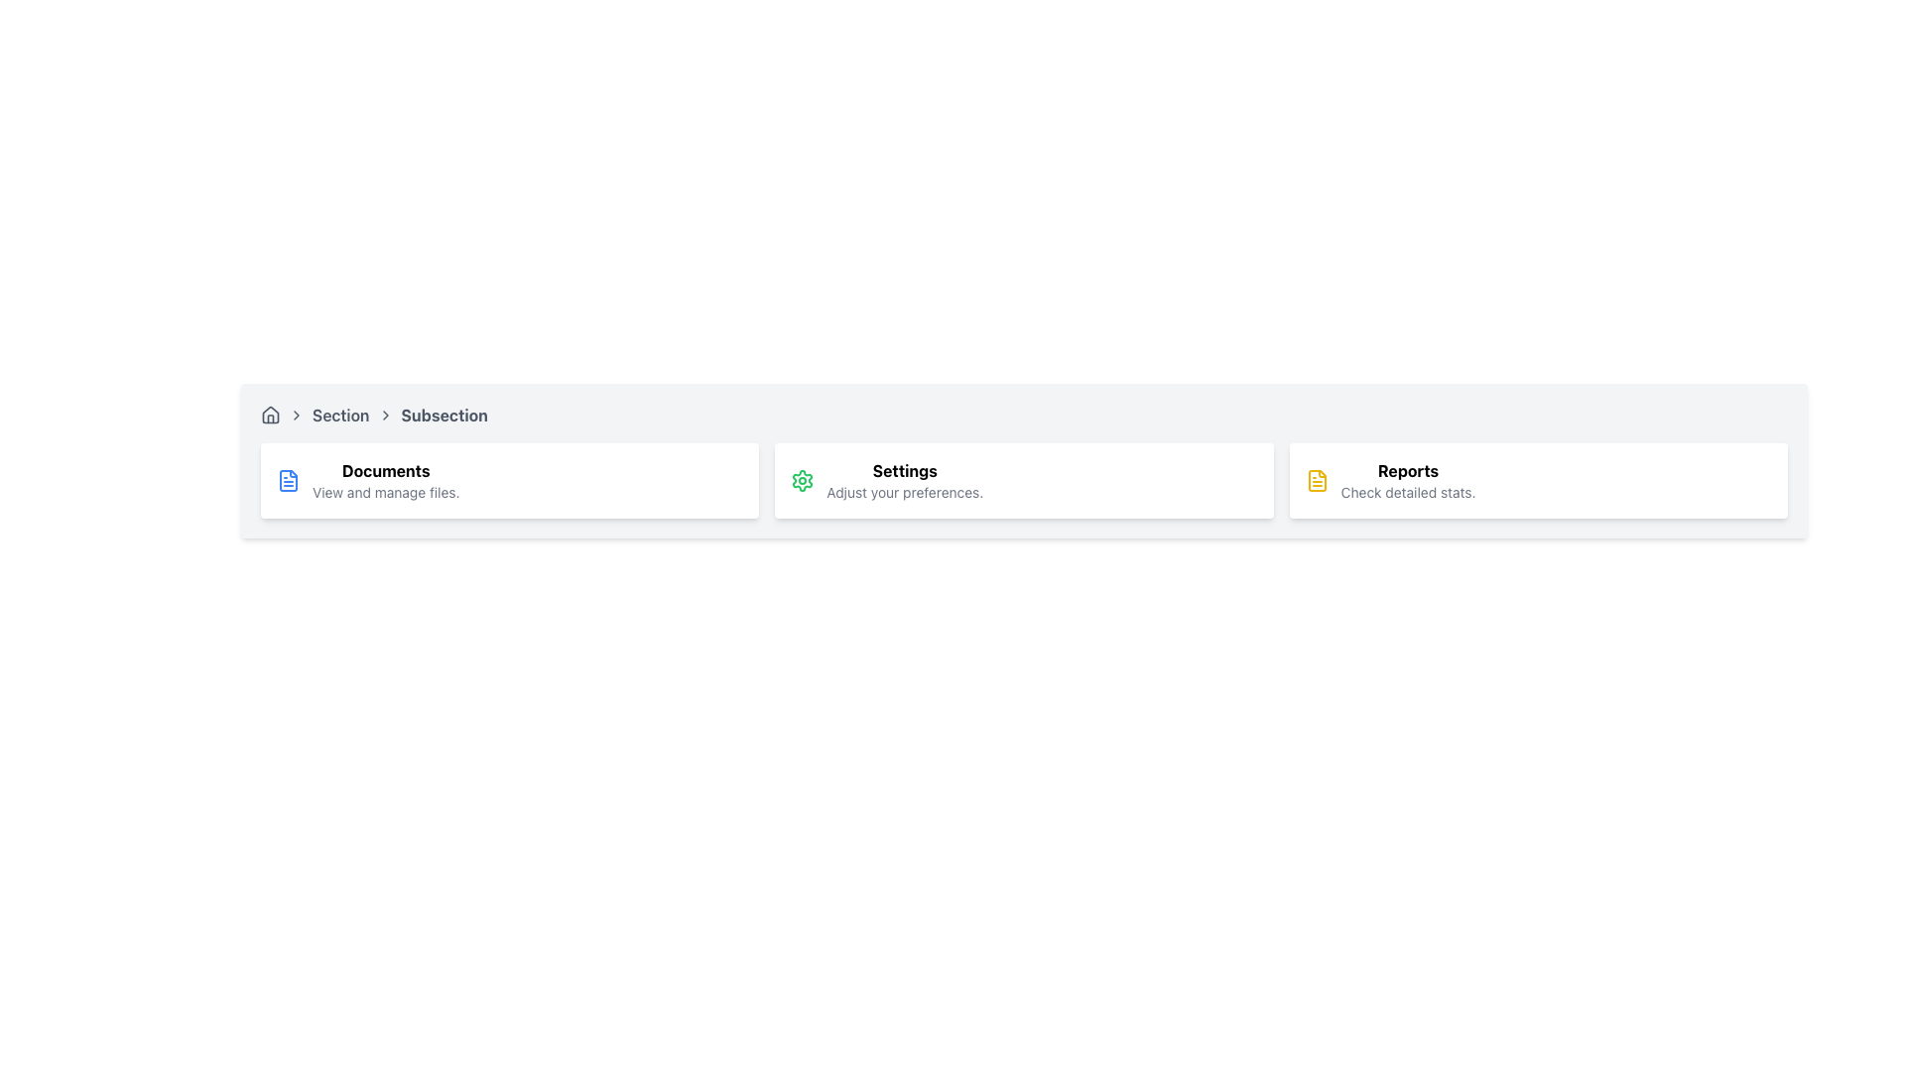 Image resolution: width=1905 pixels, height=1071 pixels. Describe the element at coordinates (1407, 481) in the screenshot. I see `the text label that displays 'Reports' in bold and 'Check detailed stats.' in gray, located in the rightmost card of three cards` at that location.